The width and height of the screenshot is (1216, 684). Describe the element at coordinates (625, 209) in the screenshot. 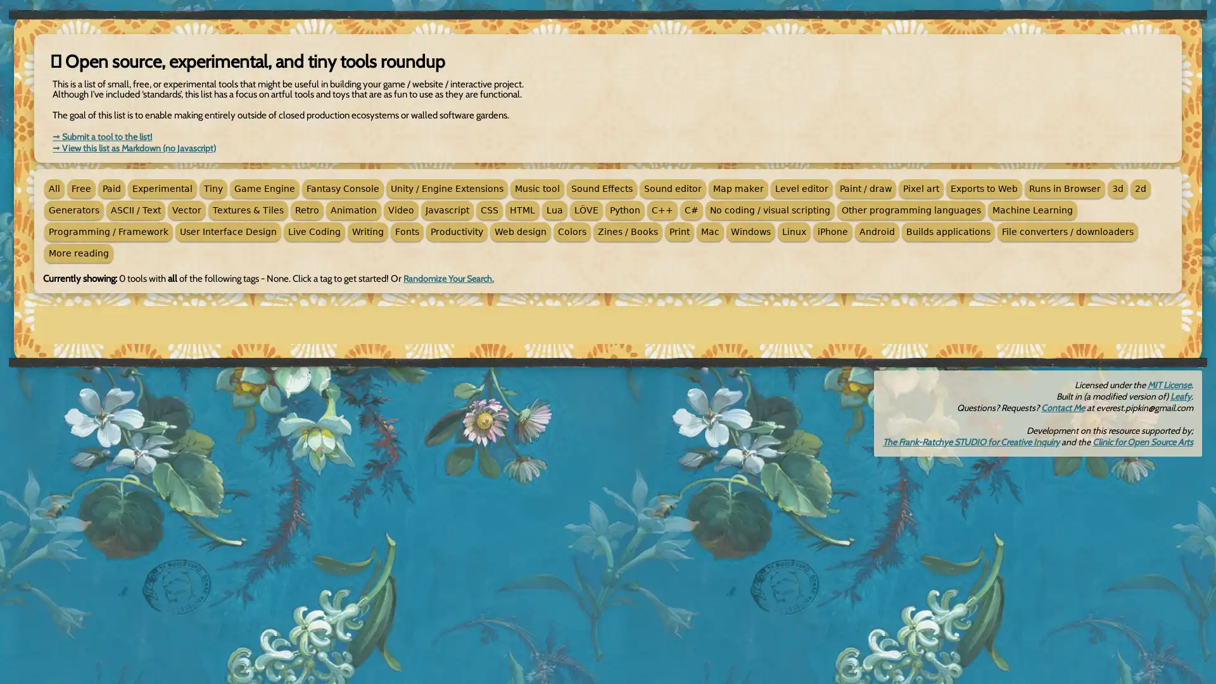

I see `Python` at that location.